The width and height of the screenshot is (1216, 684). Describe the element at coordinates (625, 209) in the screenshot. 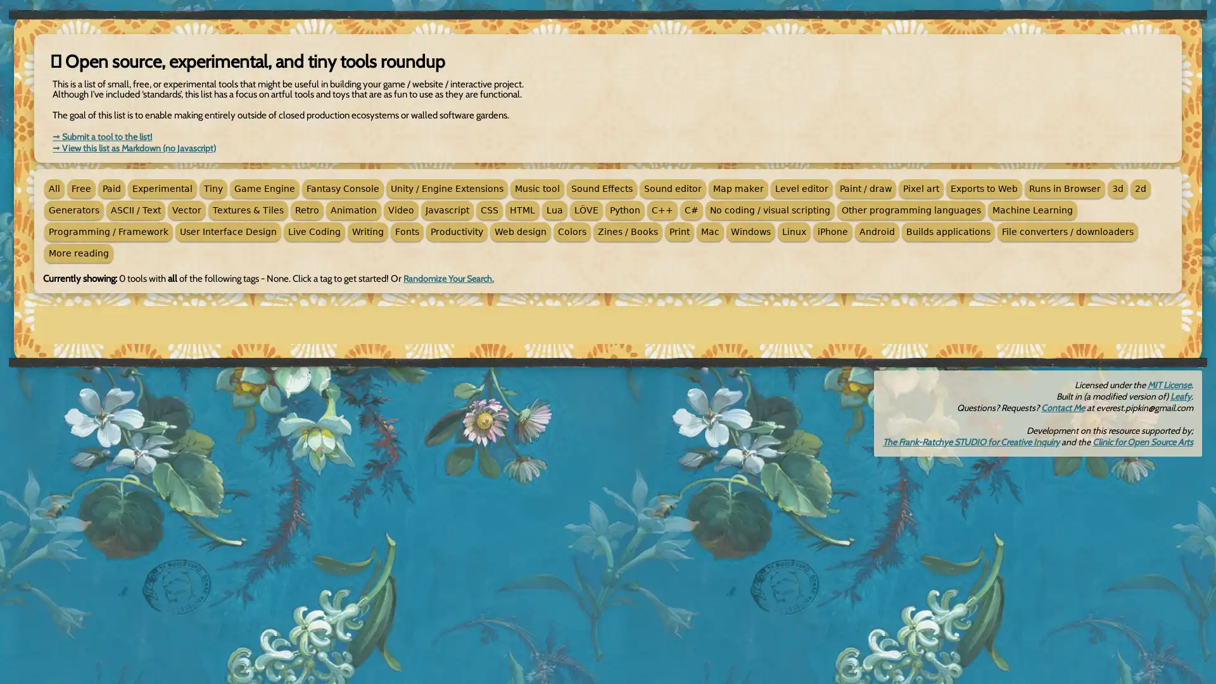

I see `Python` at that location.